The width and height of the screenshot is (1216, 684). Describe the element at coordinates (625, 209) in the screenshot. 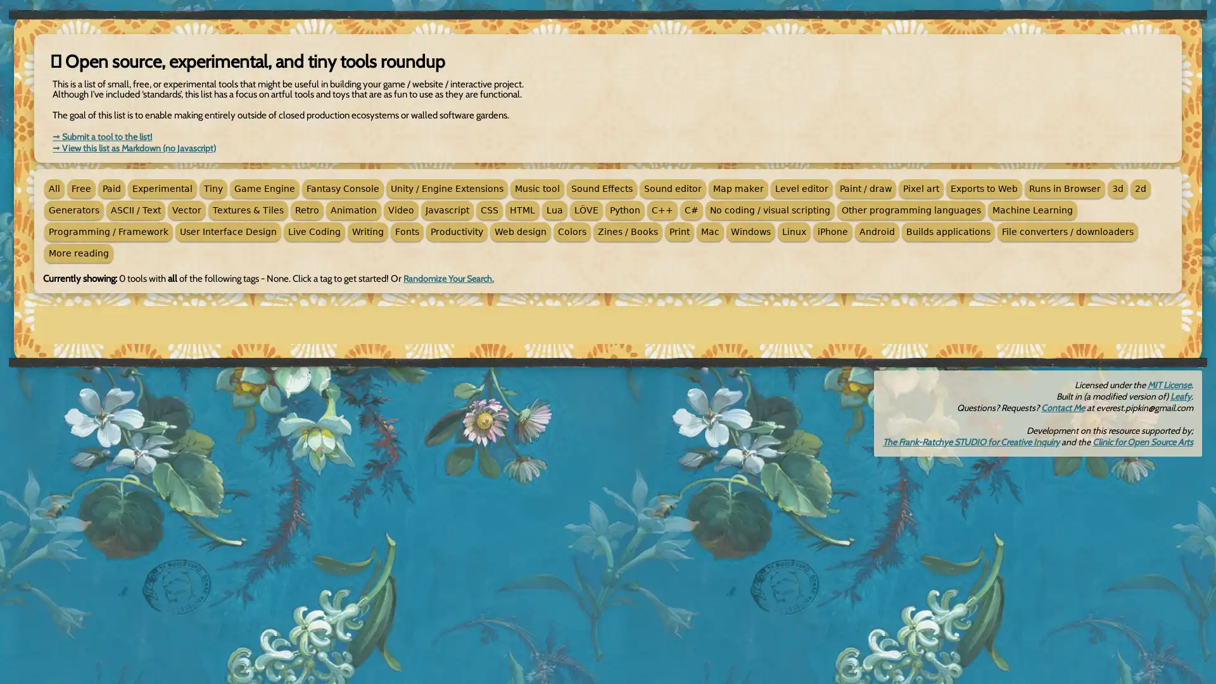

I see `Python` at that location.